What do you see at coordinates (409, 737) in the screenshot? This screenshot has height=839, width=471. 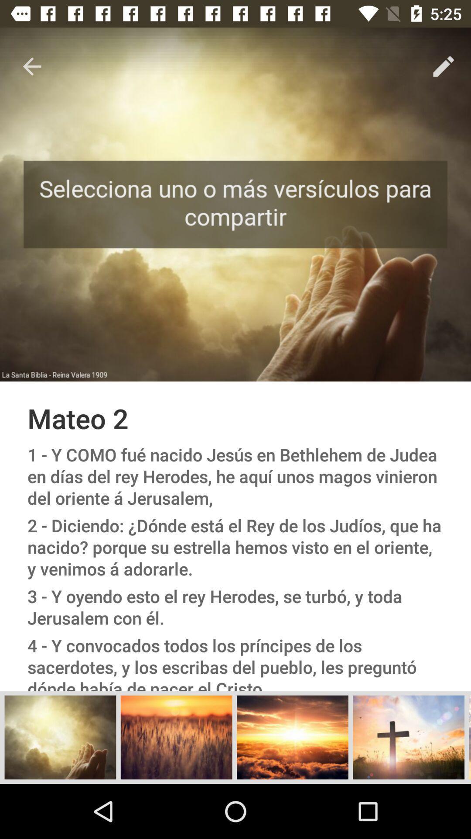 I see `the add icon` at bounding box center [409, 737].